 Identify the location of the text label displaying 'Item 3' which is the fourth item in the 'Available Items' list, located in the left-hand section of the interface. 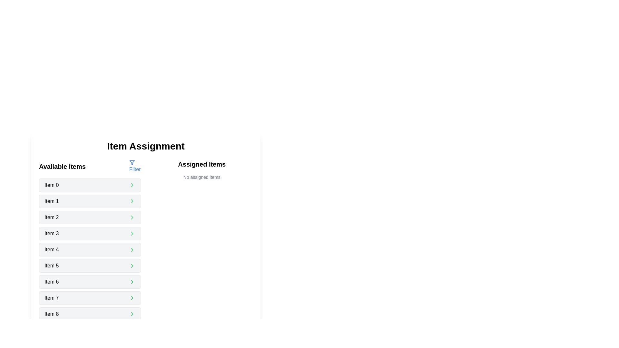
(52, 234).